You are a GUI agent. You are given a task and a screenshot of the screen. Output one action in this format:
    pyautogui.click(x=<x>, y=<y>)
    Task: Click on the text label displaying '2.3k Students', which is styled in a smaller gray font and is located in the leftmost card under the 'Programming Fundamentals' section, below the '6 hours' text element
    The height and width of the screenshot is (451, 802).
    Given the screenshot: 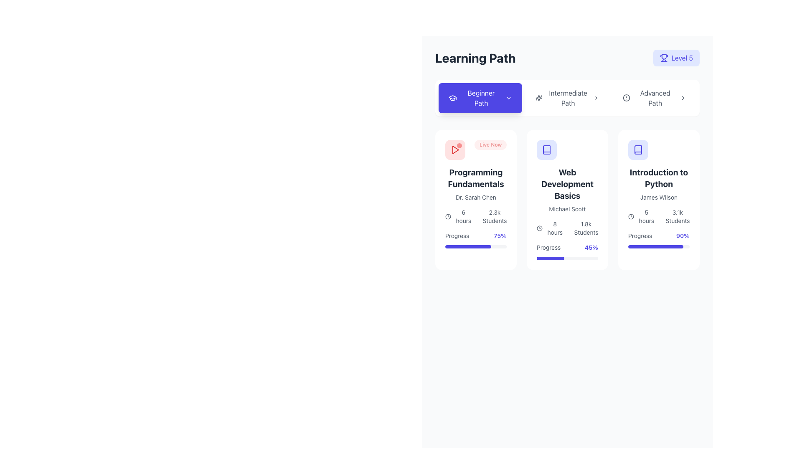 What is the action you would take?
    pyautogui.click(x=493, y=216)
    